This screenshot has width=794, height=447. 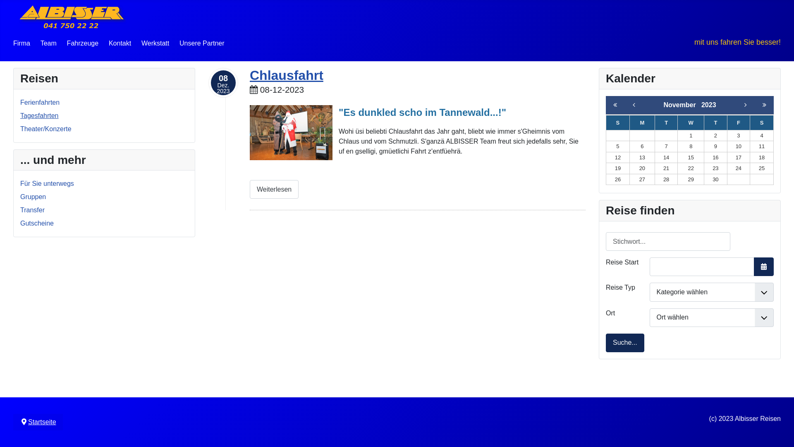 I want to click on 'Theater/Konzerte', so click(x=45, y=129).